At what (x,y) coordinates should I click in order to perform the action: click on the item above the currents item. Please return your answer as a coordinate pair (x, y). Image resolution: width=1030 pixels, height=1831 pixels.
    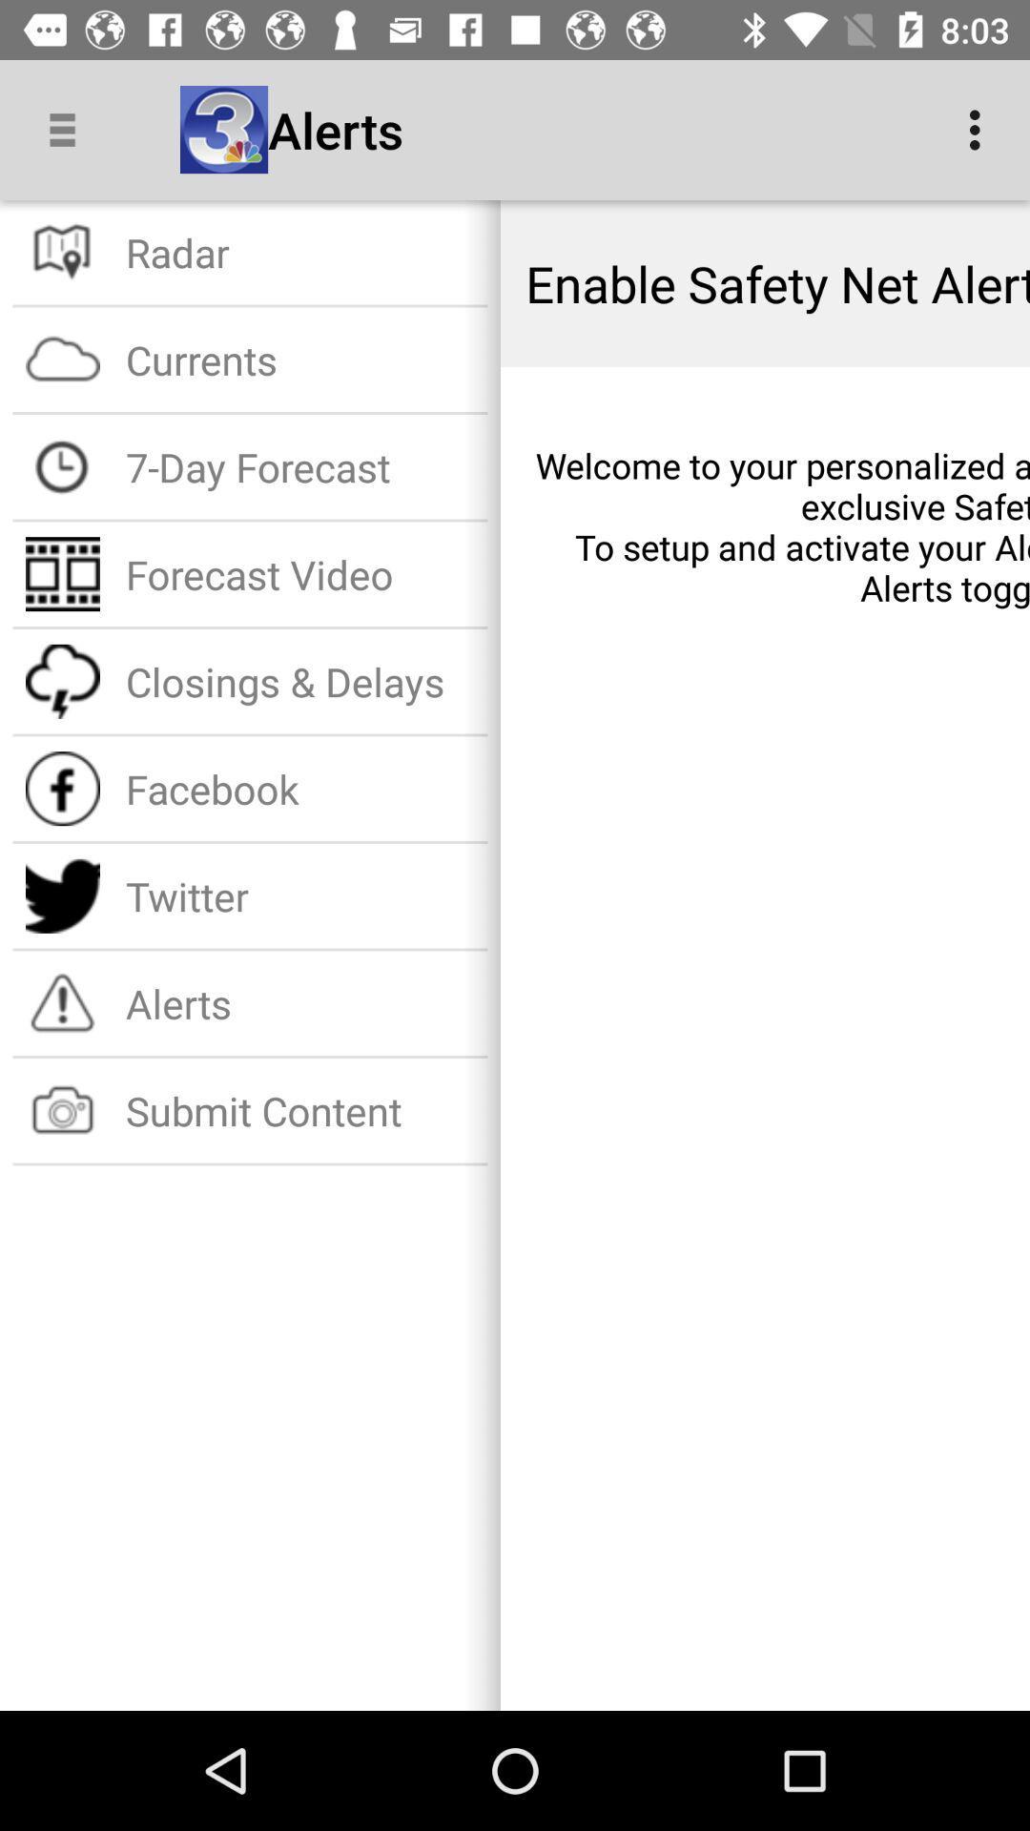
    Looking at the image, I should click on (300, 251).